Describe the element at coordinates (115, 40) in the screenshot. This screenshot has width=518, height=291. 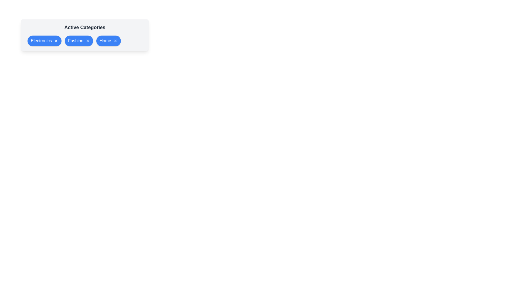
I see `the 'X' button for the category Home` at that location.